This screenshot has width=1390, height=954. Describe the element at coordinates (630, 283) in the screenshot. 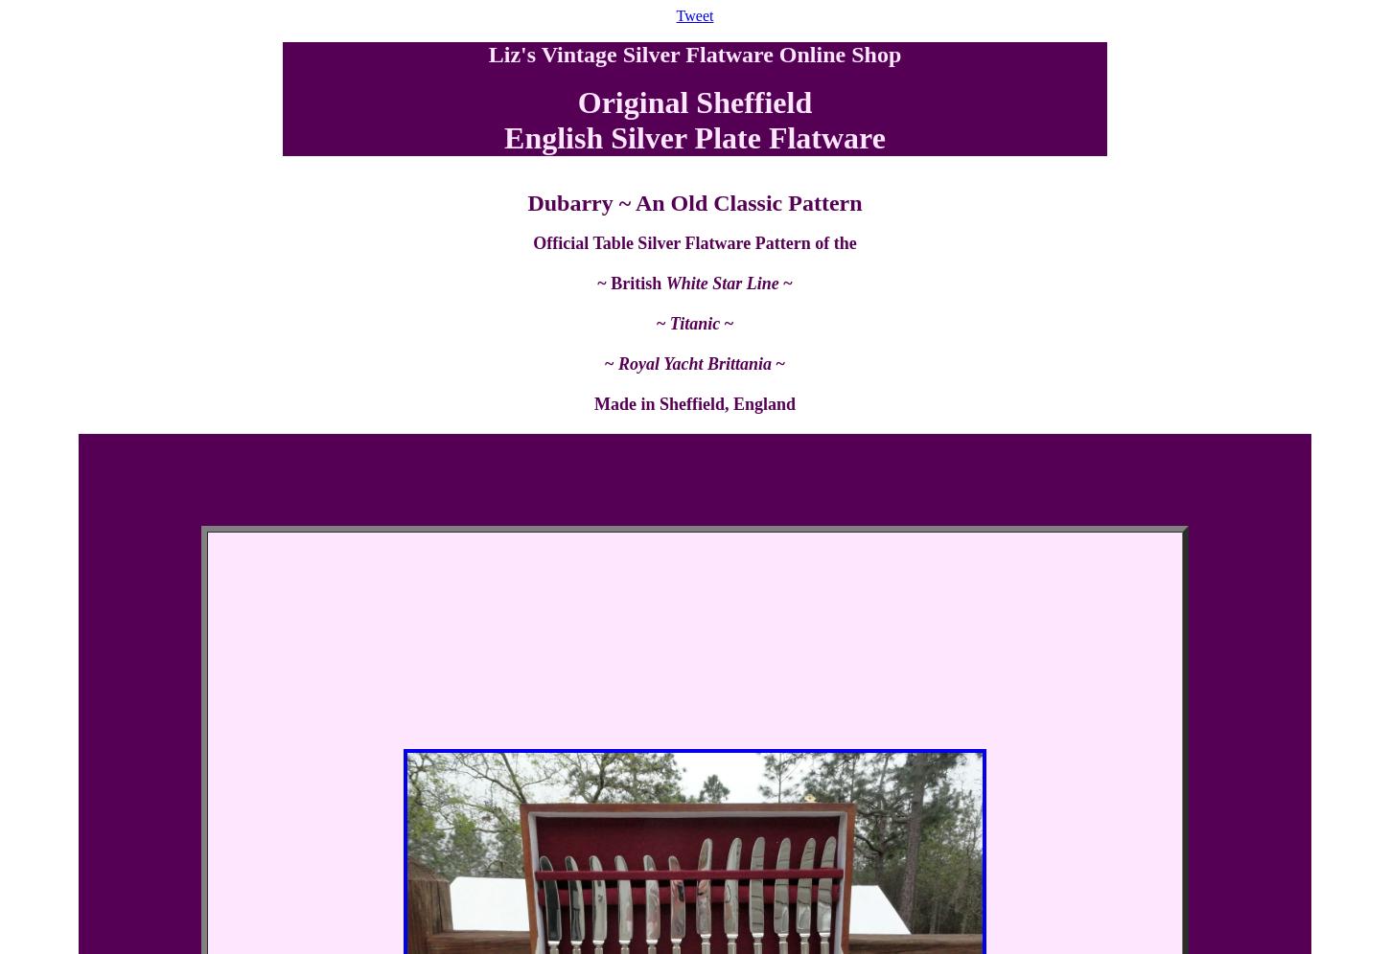

I see `'~ British'` at that location.